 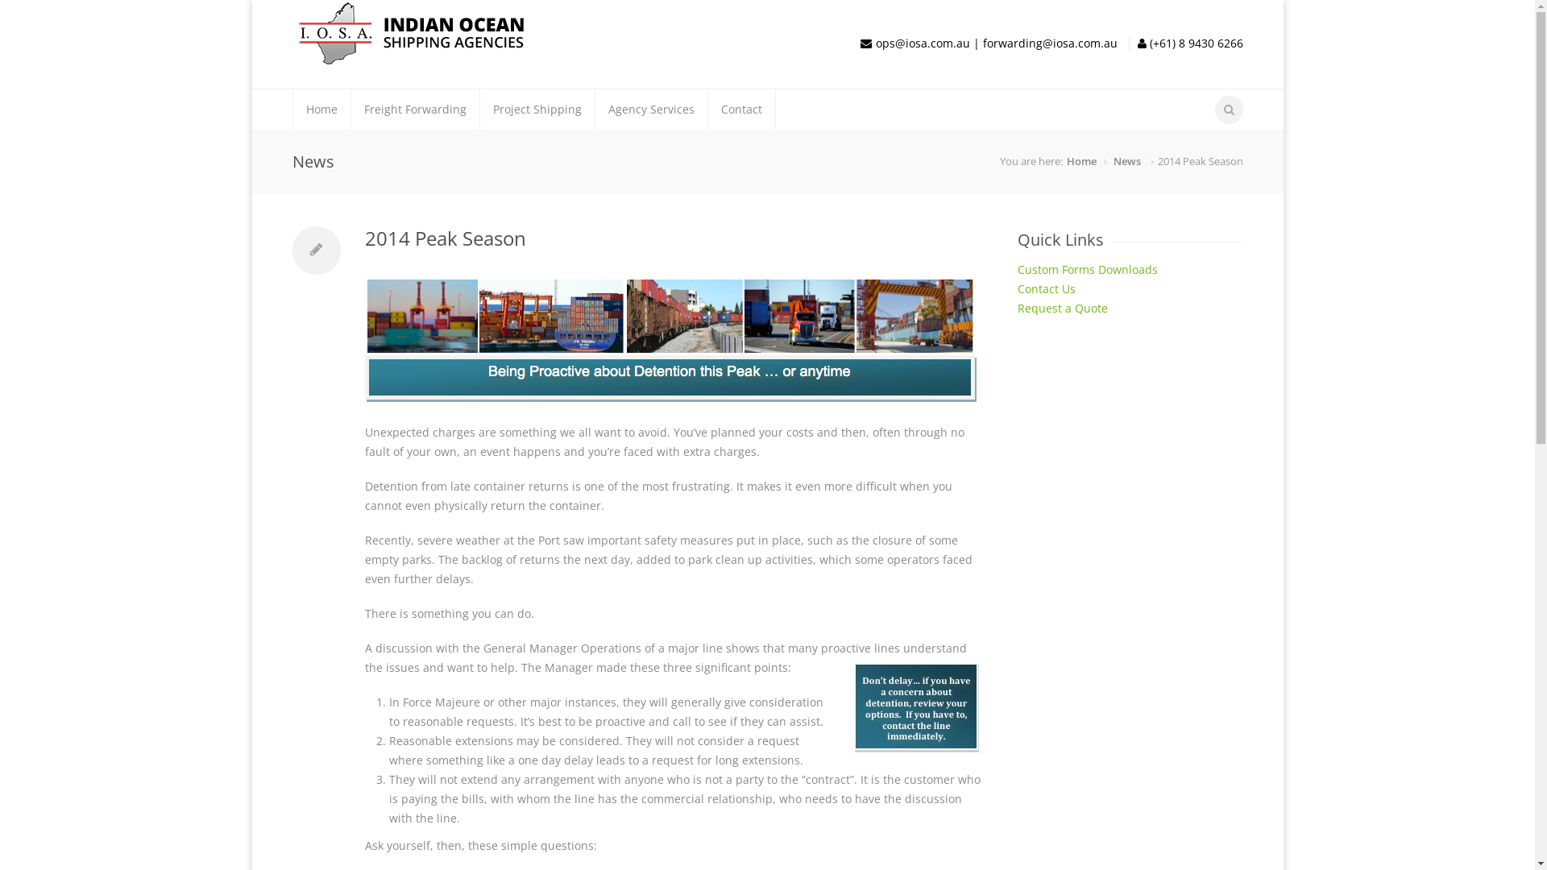 What do you see at coordinates (1086, 268) in the screenshot?
I see `'Custom Forms Downloads'` at bounding box center [1086, 268].